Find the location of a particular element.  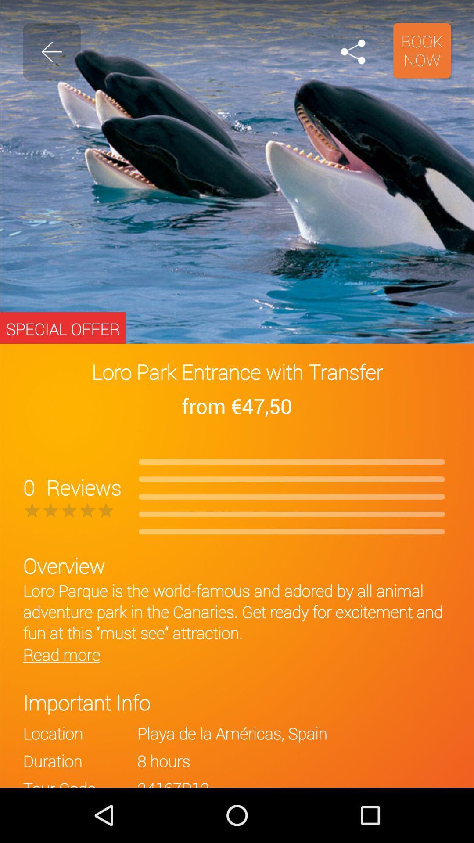

the icon above loro park entrance icon is located at coordinates (421, 50).